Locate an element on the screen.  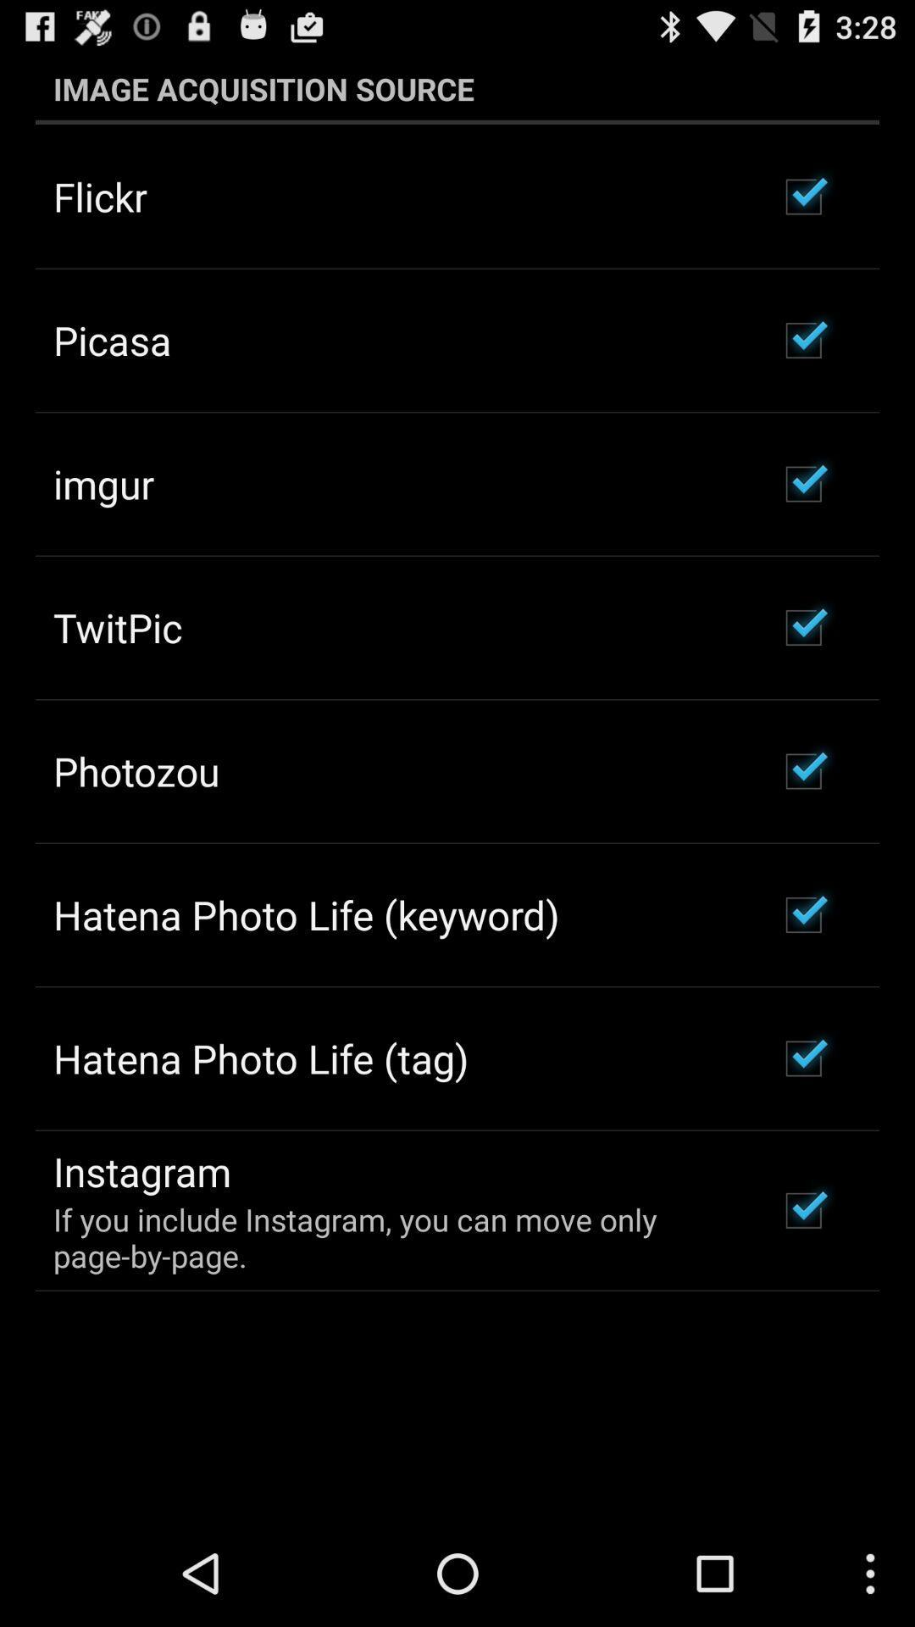
the checkbox just right to flickr is located at coordinates (802, 197).